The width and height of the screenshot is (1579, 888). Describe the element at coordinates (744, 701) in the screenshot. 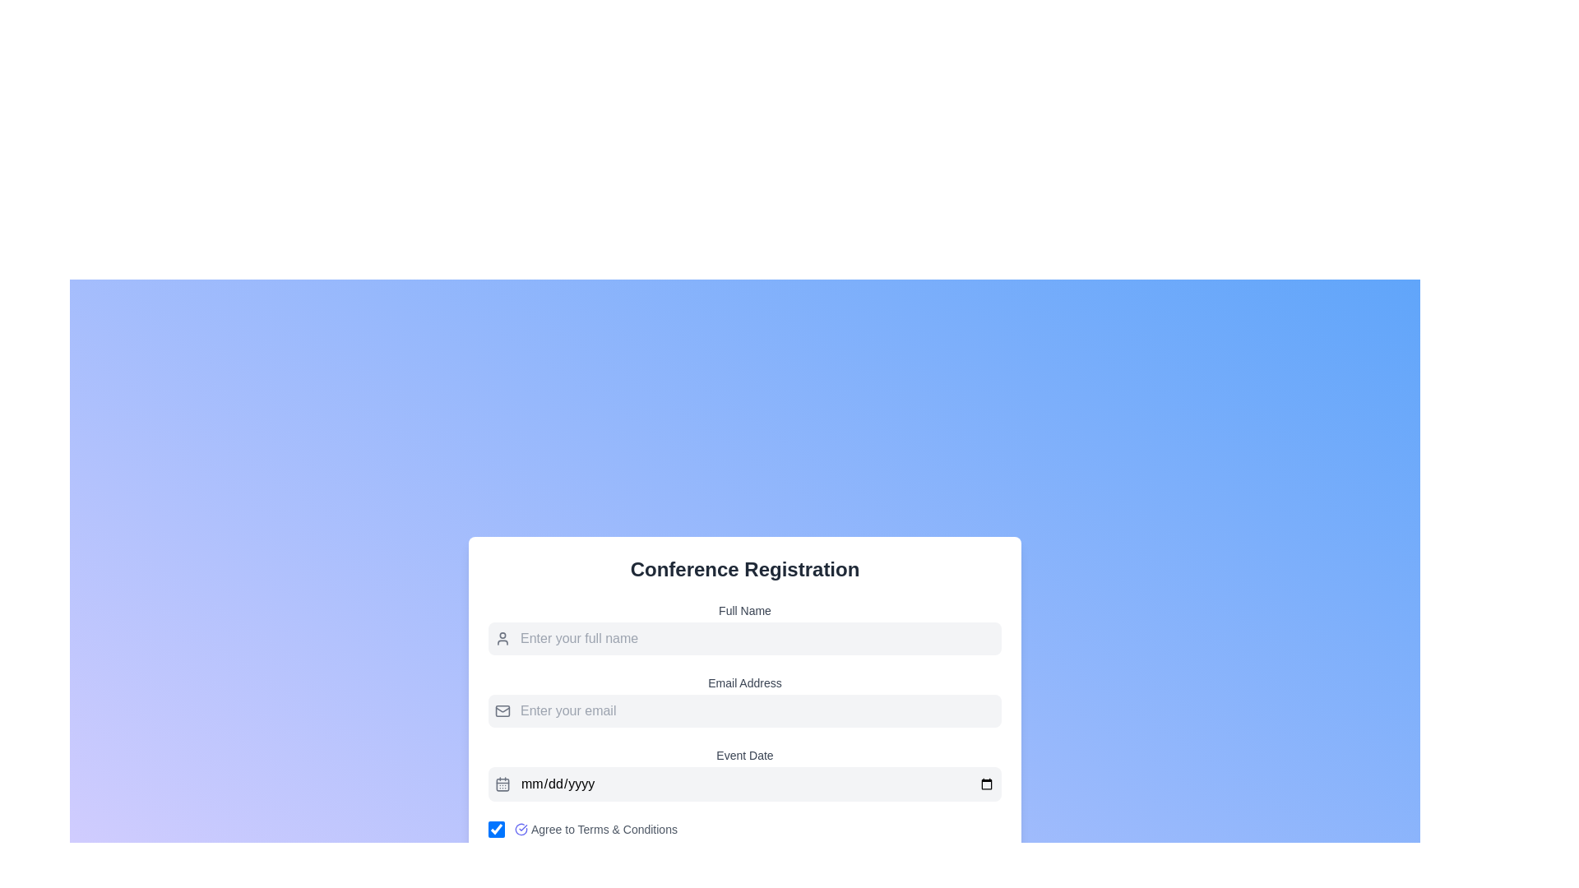

I see `the email input field located under the 'Full Name' field and above the 'Event Date' field in the 'Conference Registration' section` at that location.